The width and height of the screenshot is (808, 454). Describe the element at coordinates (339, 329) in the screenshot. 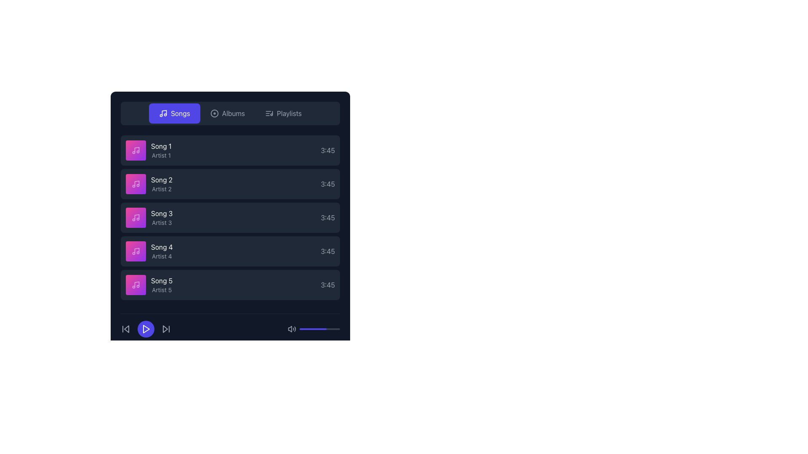

I see `the volume` at that location.